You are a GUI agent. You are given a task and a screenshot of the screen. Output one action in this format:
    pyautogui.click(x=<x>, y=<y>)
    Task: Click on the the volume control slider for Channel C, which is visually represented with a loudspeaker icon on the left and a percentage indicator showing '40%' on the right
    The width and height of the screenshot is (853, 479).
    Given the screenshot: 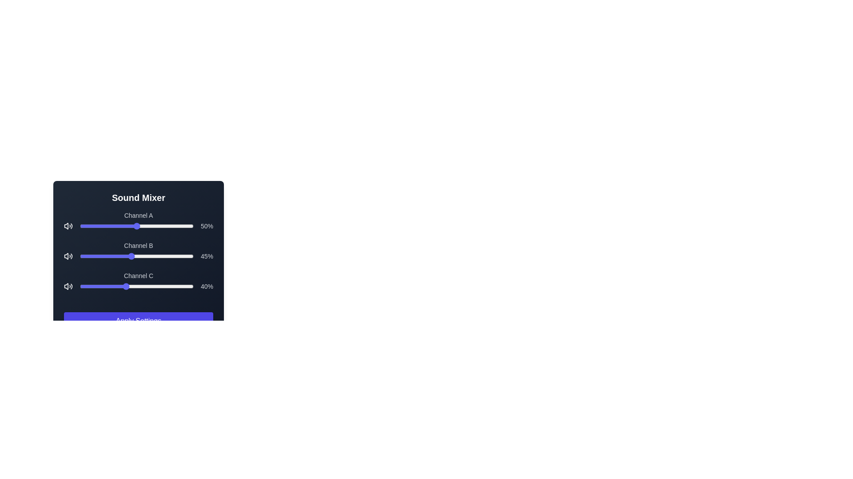 What is the action you would take?
    pyautogui.click(x=138, y=286)
    